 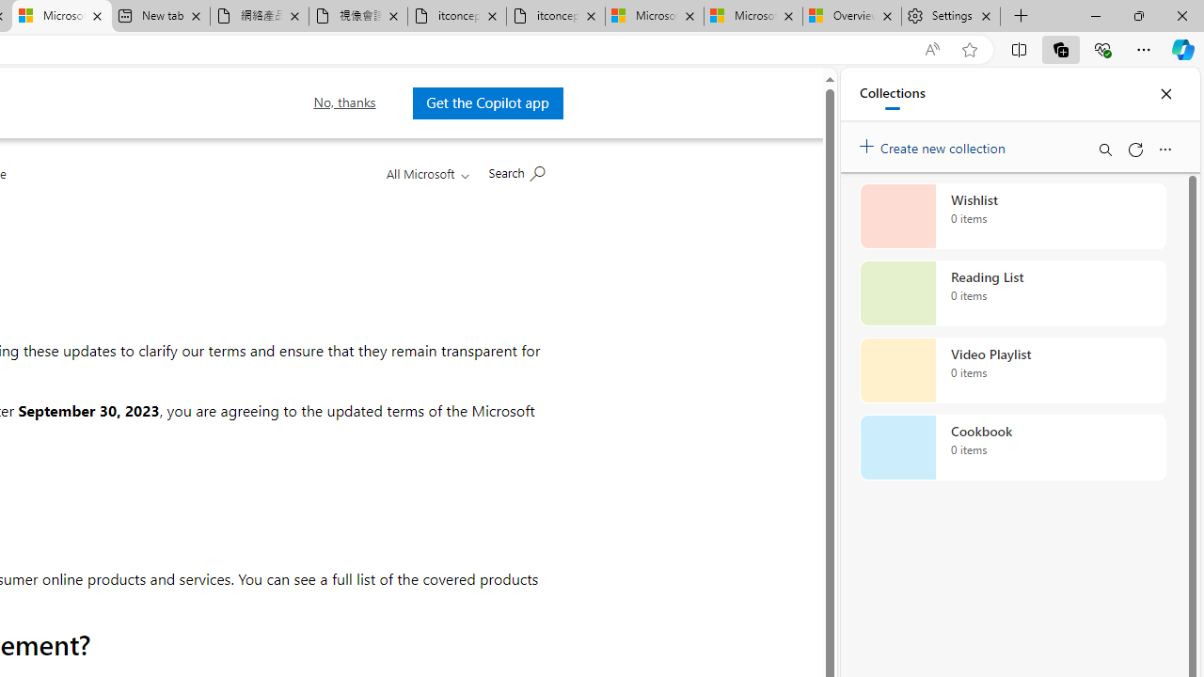 What do you see at coordinates (516, 171) in the screenshot?
I see `'Search Microsoft.com'` at bounding box center [516, 171].